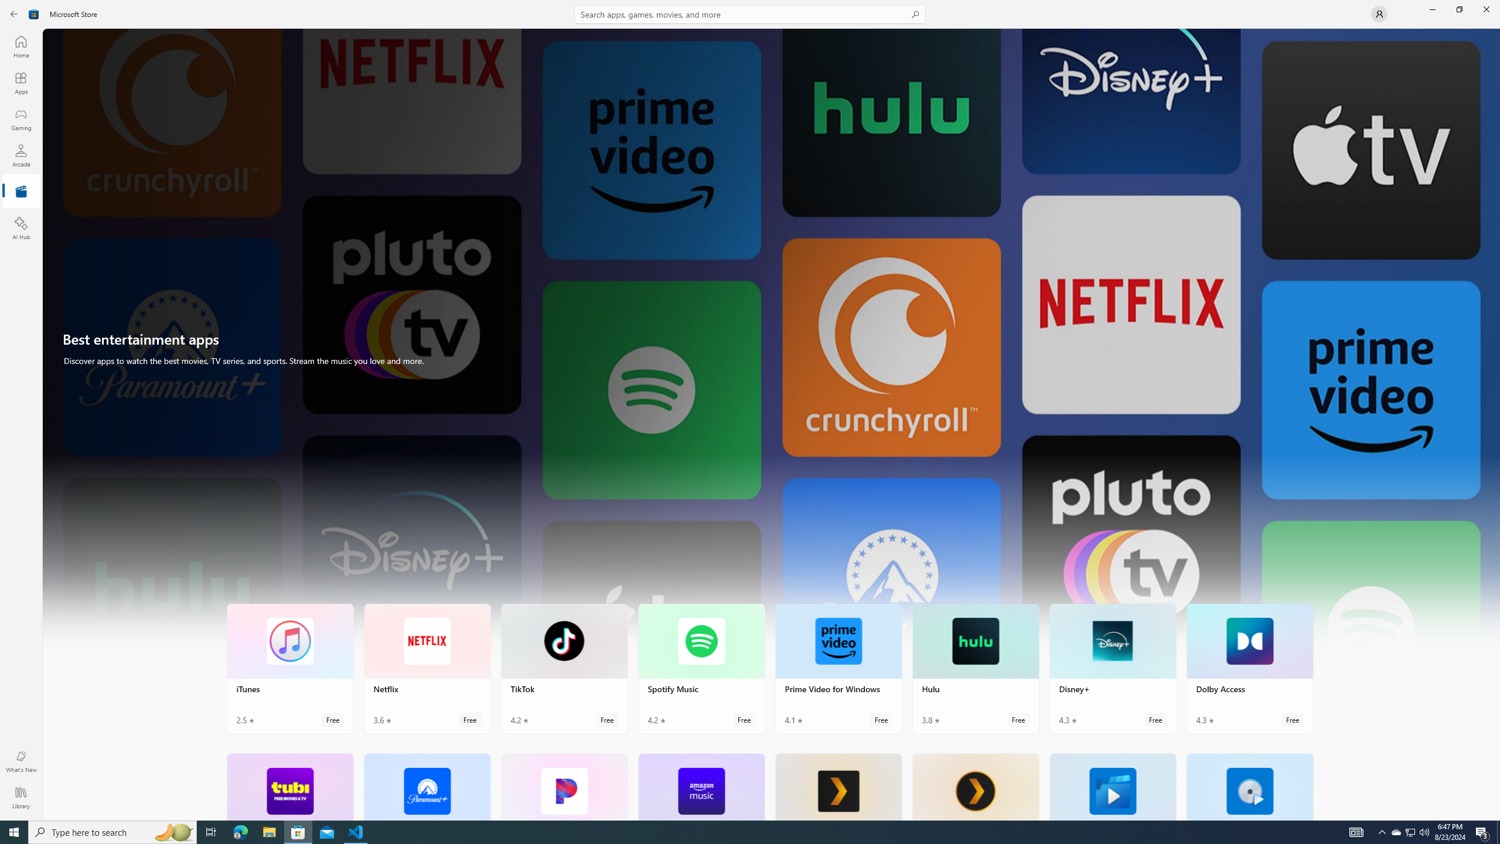  What do you see at coordinates (20, 761) in the screenshot?
I see `'What'` at bounding box center [20, 761].